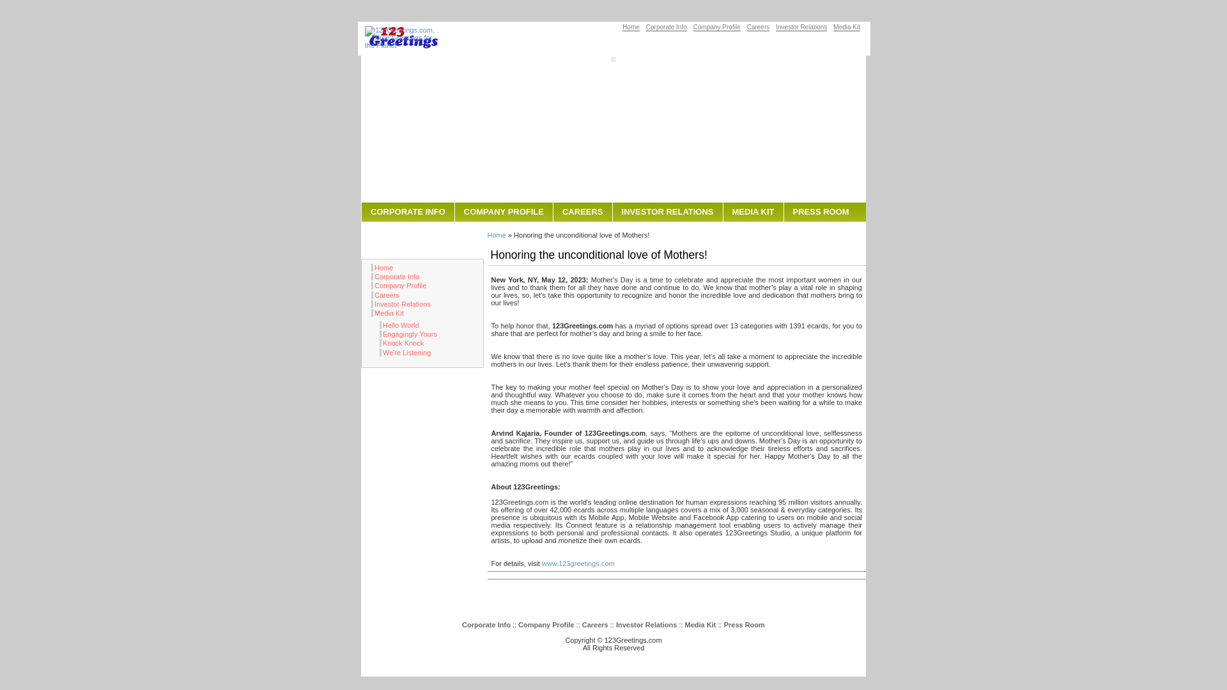 This screenshot has height=690, width=1227. I want to click on 'Media Kit', so click(387, 312).